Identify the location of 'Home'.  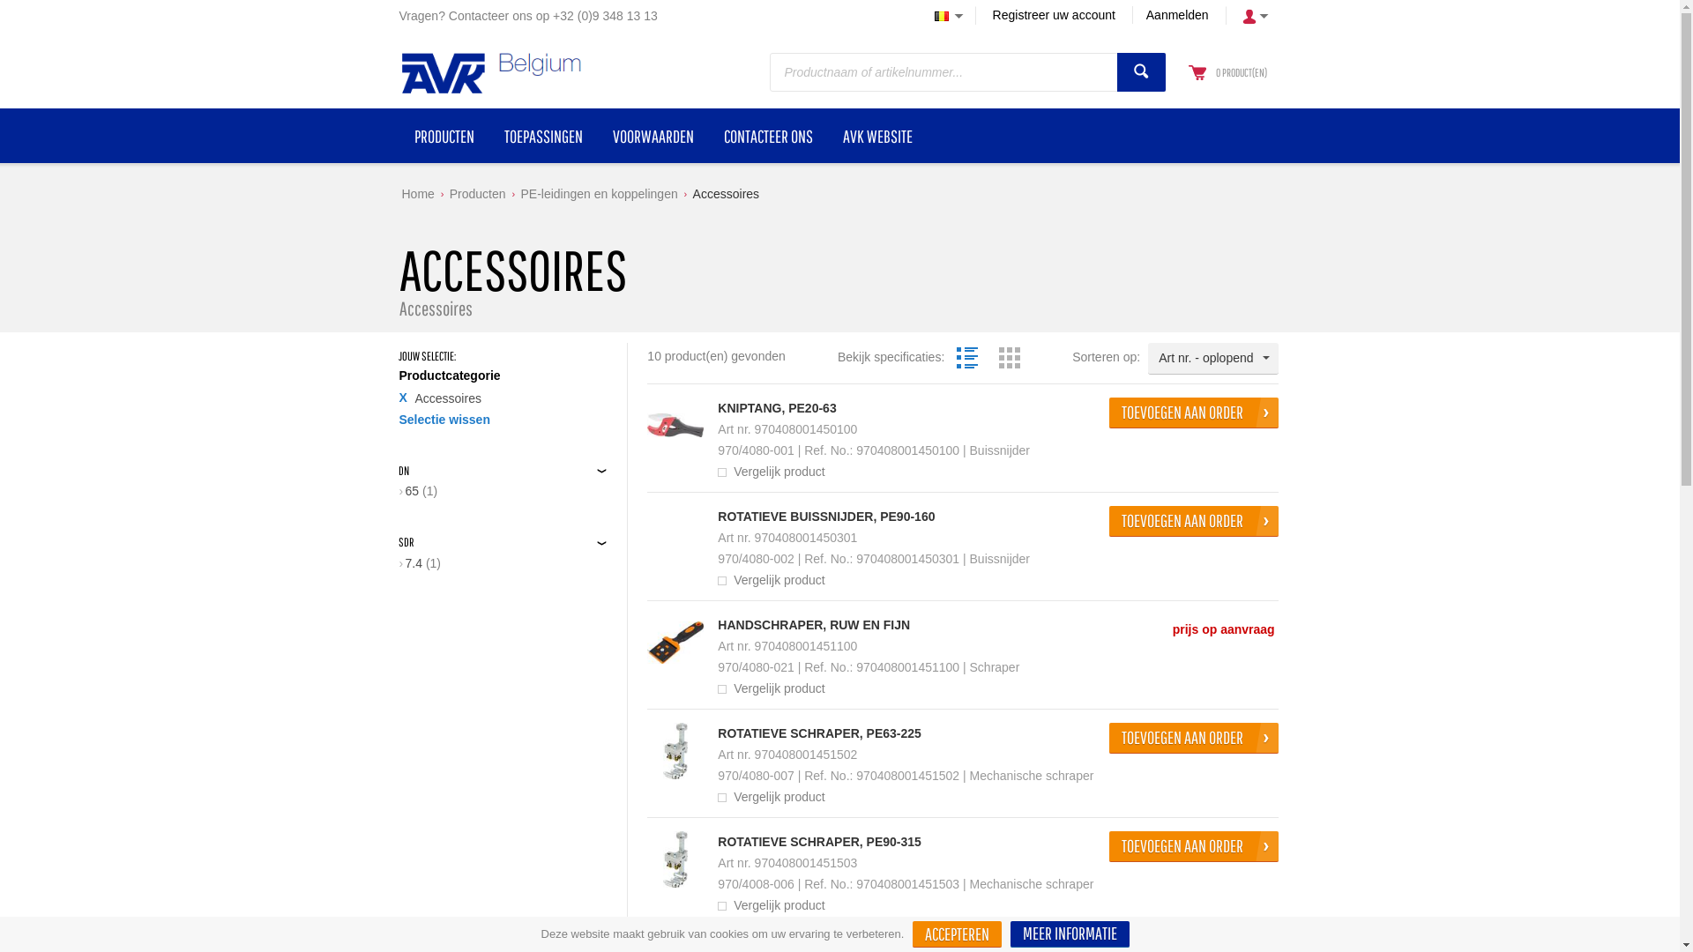
(417, 193).